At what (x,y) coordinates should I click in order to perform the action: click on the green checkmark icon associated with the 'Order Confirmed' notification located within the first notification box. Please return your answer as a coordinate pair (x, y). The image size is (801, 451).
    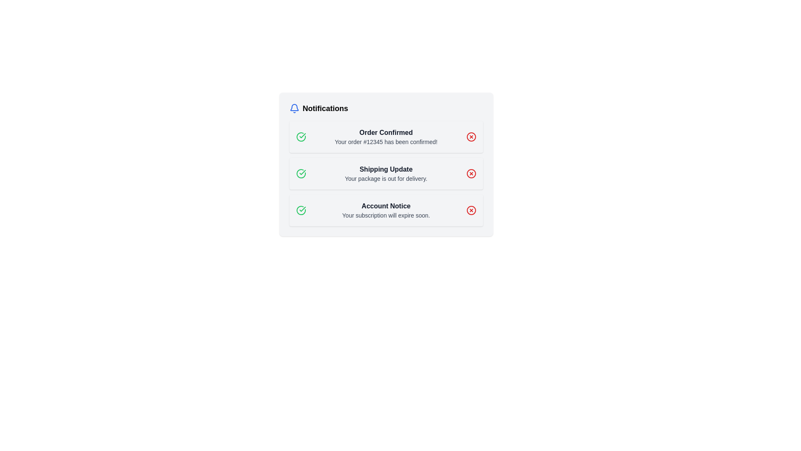
    Looking at the image, I should click on (302, 172).